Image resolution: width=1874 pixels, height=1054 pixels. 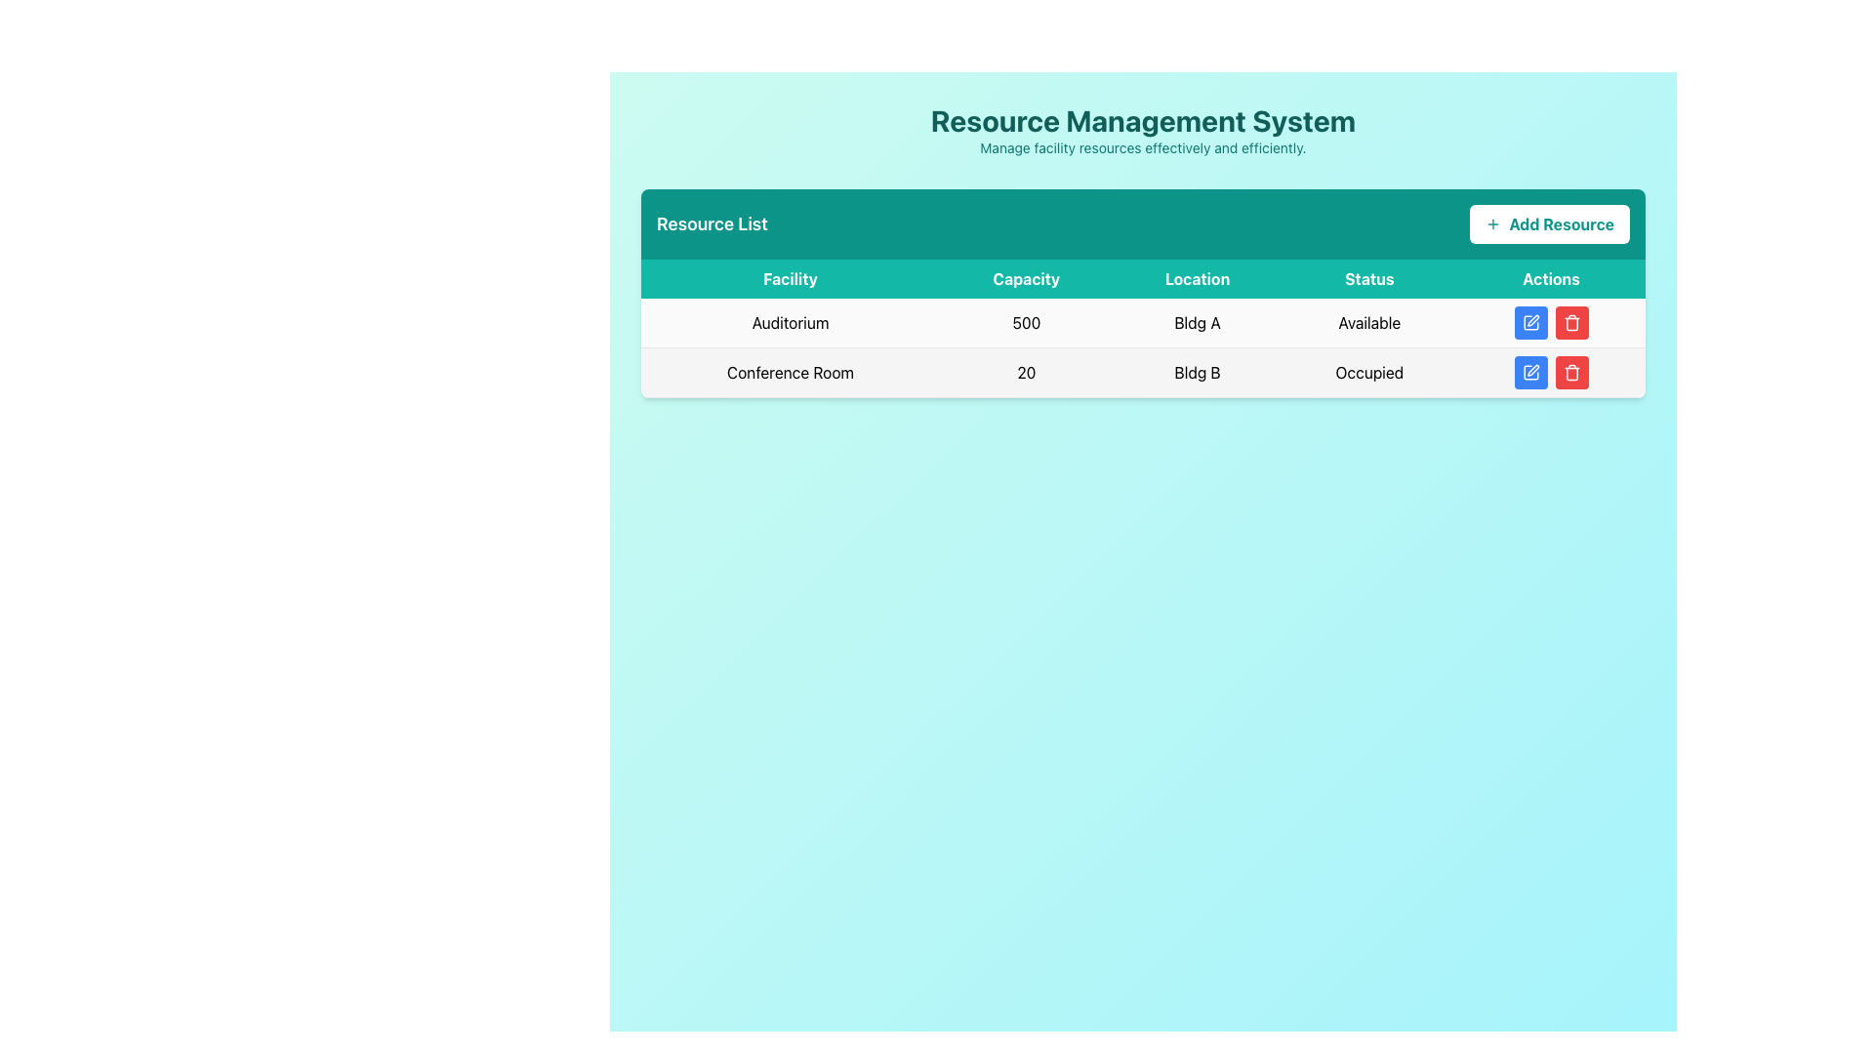 What do you see at coordinates (1025, 372) in the screenshot?
I see `value from the table cell containing the text '20' under the 'Capacity' column in the second row of the data table` at bounding box center [1025, 372].